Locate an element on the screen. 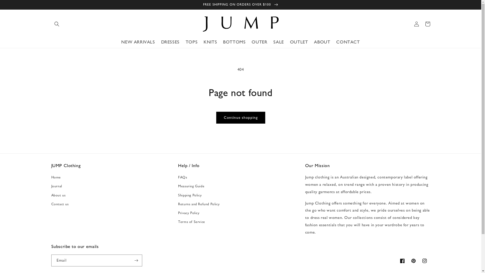 This screenshot has width=485, height=273. 'Returns and Refund Policy' is located at coordinates (178, 204).